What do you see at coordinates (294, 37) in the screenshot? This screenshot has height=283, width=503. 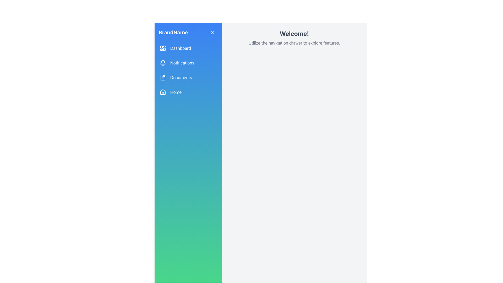 I see `textual content that includes the heading 'Welcome!' and the subheading 'Utilize the navigation drawer to explore features.' located in the upper portion of the white background to the right of the navigation drawer` at bounding box center [294, 37].